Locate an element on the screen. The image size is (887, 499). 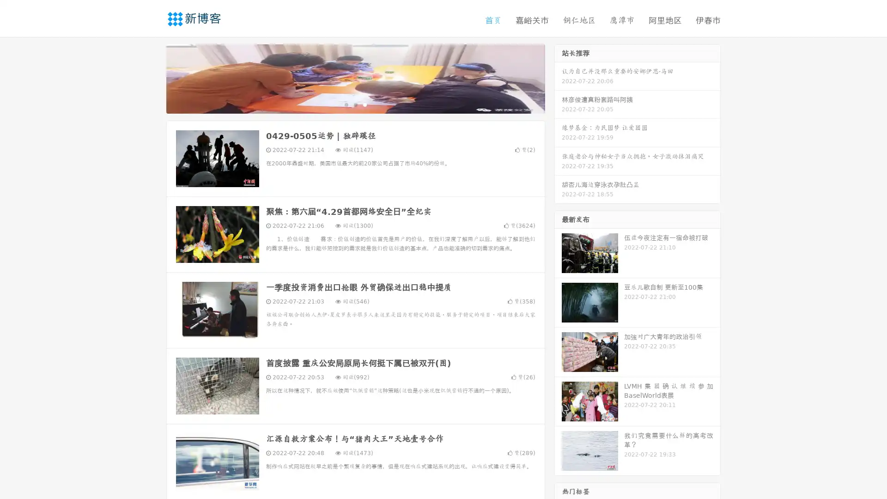
Go to slide 2 is located at coordinates (355, 104).